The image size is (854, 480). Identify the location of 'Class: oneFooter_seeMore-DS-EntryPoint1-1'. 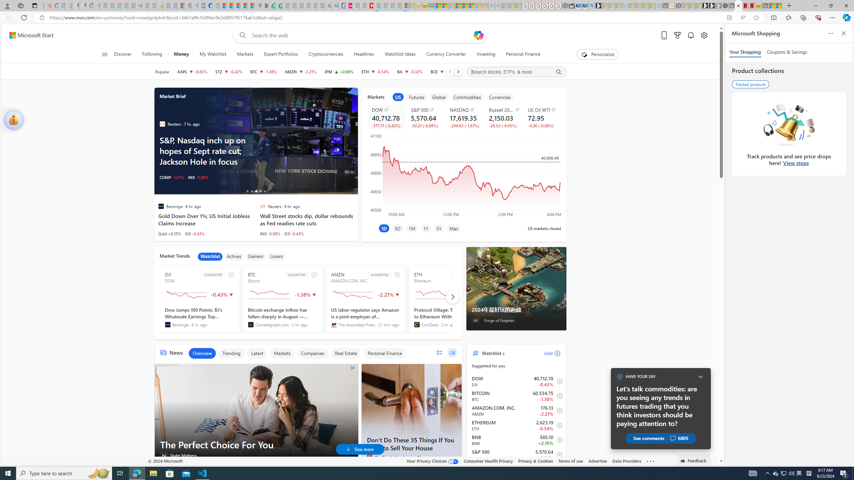
(650, 461).